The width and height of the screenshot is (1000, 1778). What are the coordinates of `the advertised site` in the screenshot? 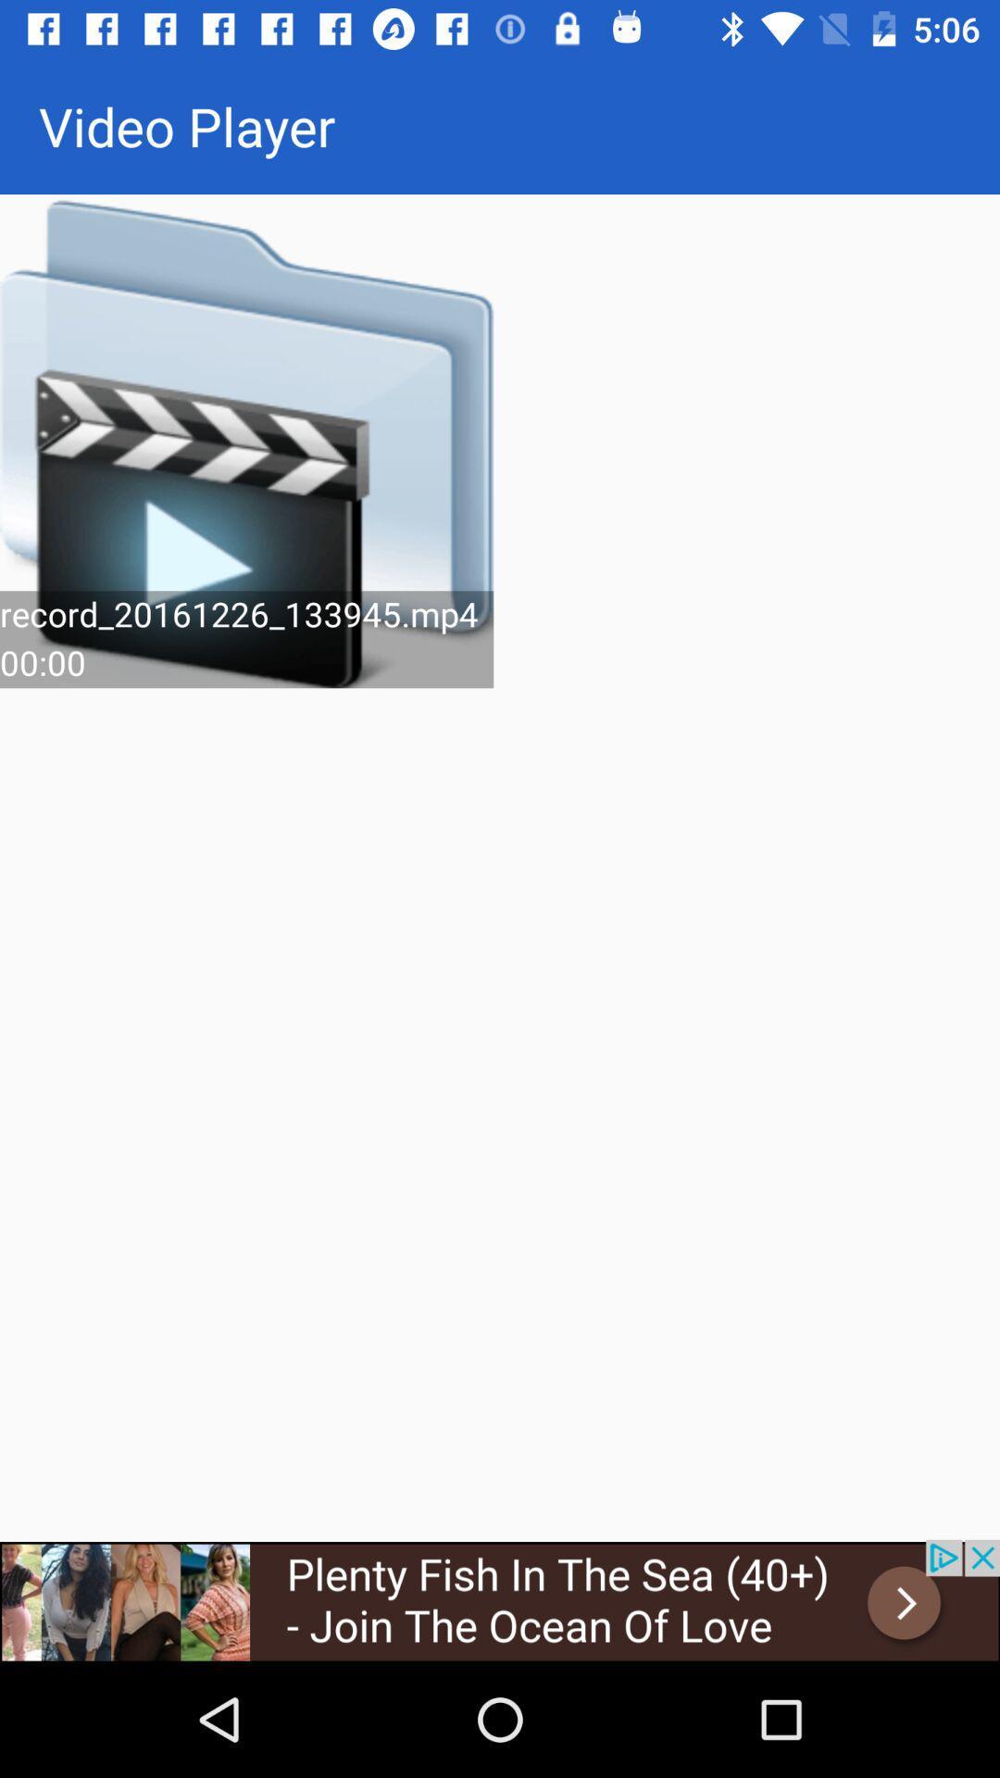 It's located at (500, 1599).